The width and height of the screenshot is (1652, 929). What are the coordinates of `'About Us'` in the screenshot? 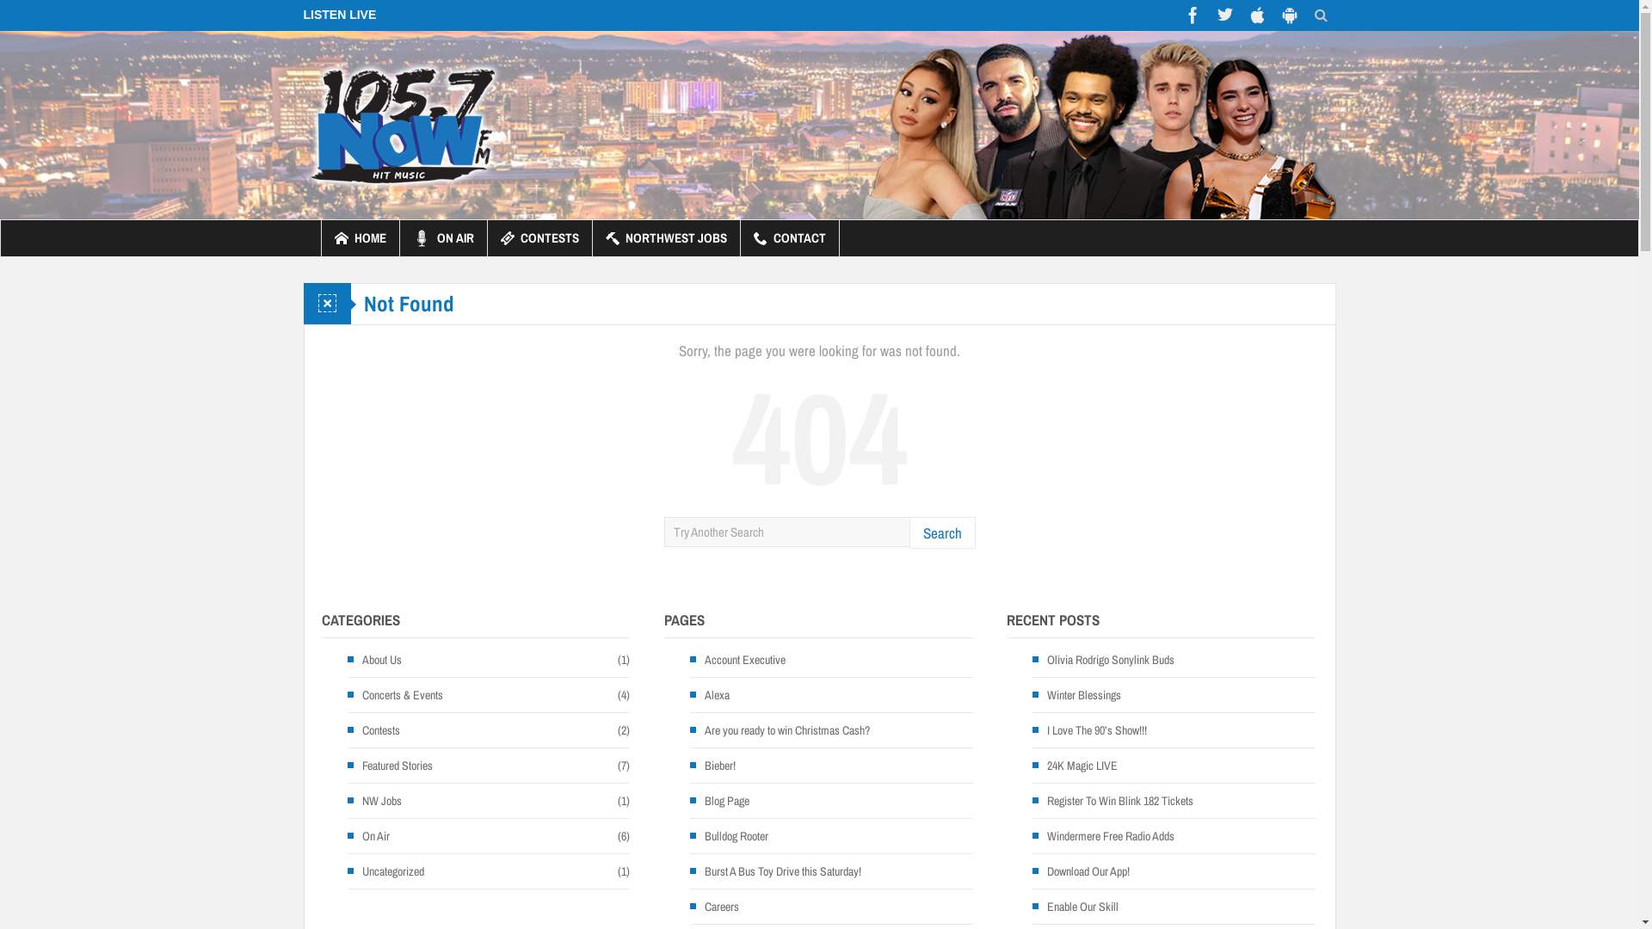 It's located at (373, 659).